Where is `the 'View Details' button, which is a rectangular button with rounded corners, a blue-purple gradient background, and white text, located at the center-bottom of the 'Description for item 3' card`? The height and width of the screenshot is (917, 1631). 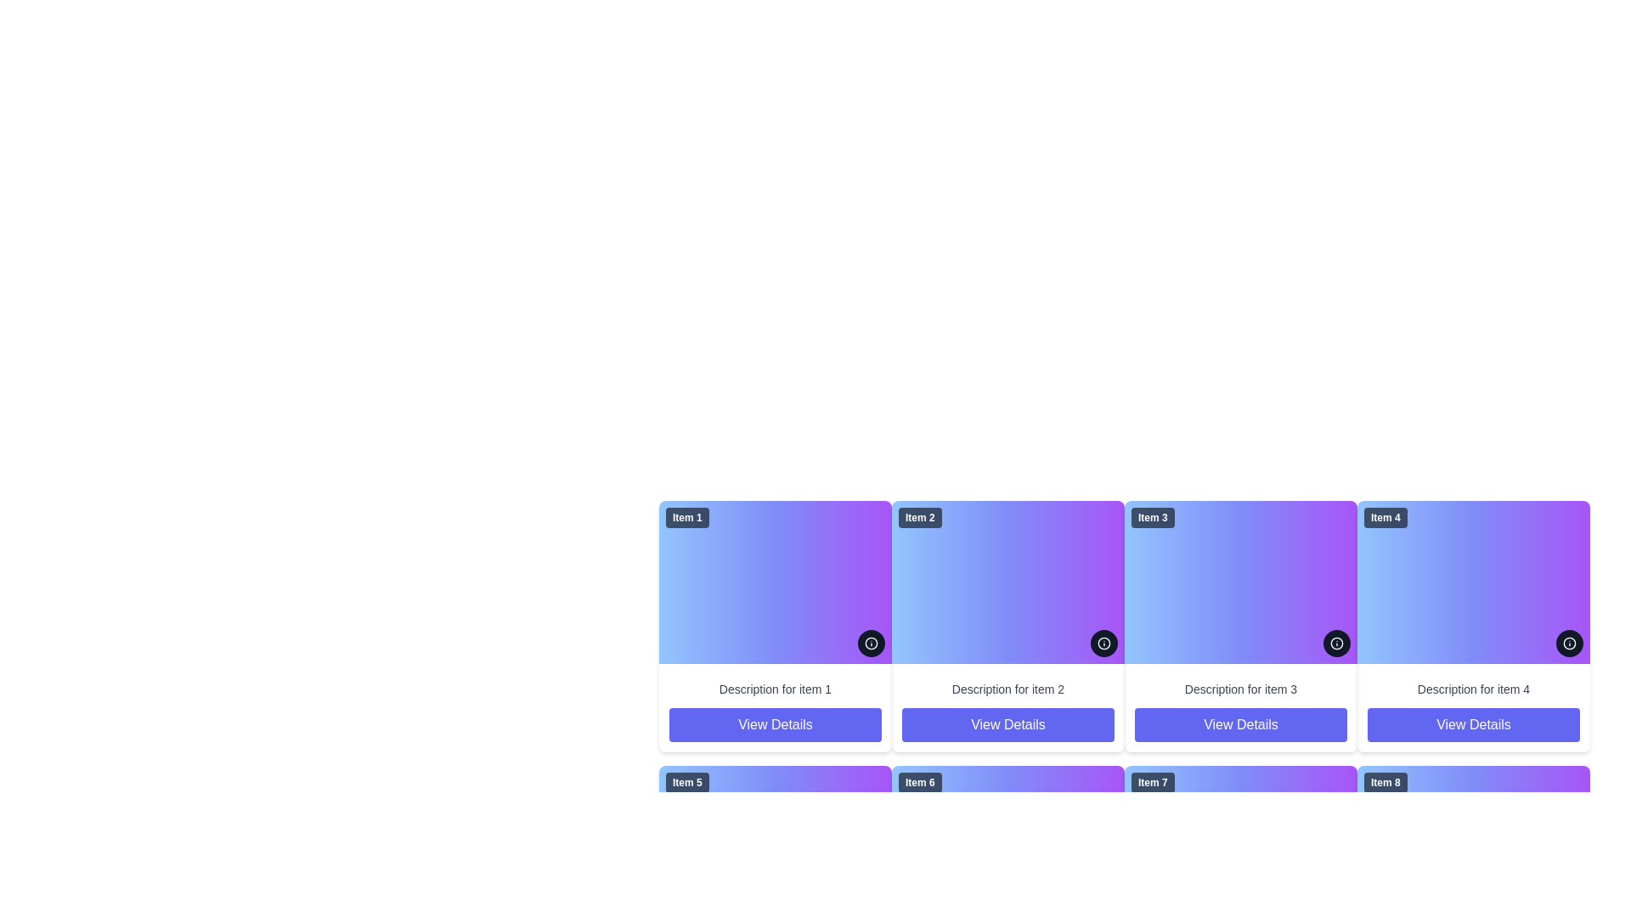 the 'View Details' button, which is a rectangular button with rounded corners, a blue-purple gradient background, and white text, located at the center-bottom of the 'Description for item 3' card is located at coordinates (1240, 724).